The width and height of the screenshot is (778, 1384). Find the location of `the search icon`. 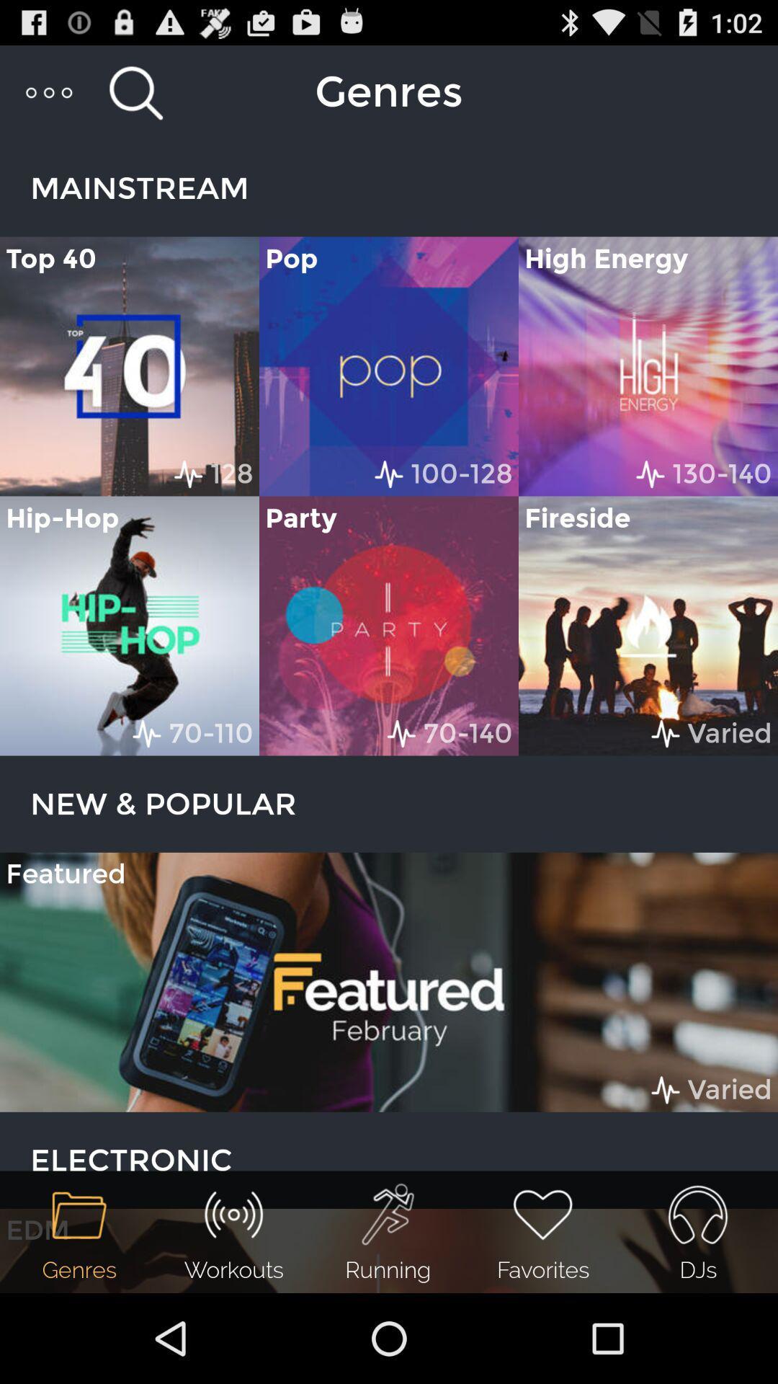

the search icon is located at coordinates (135, 98).